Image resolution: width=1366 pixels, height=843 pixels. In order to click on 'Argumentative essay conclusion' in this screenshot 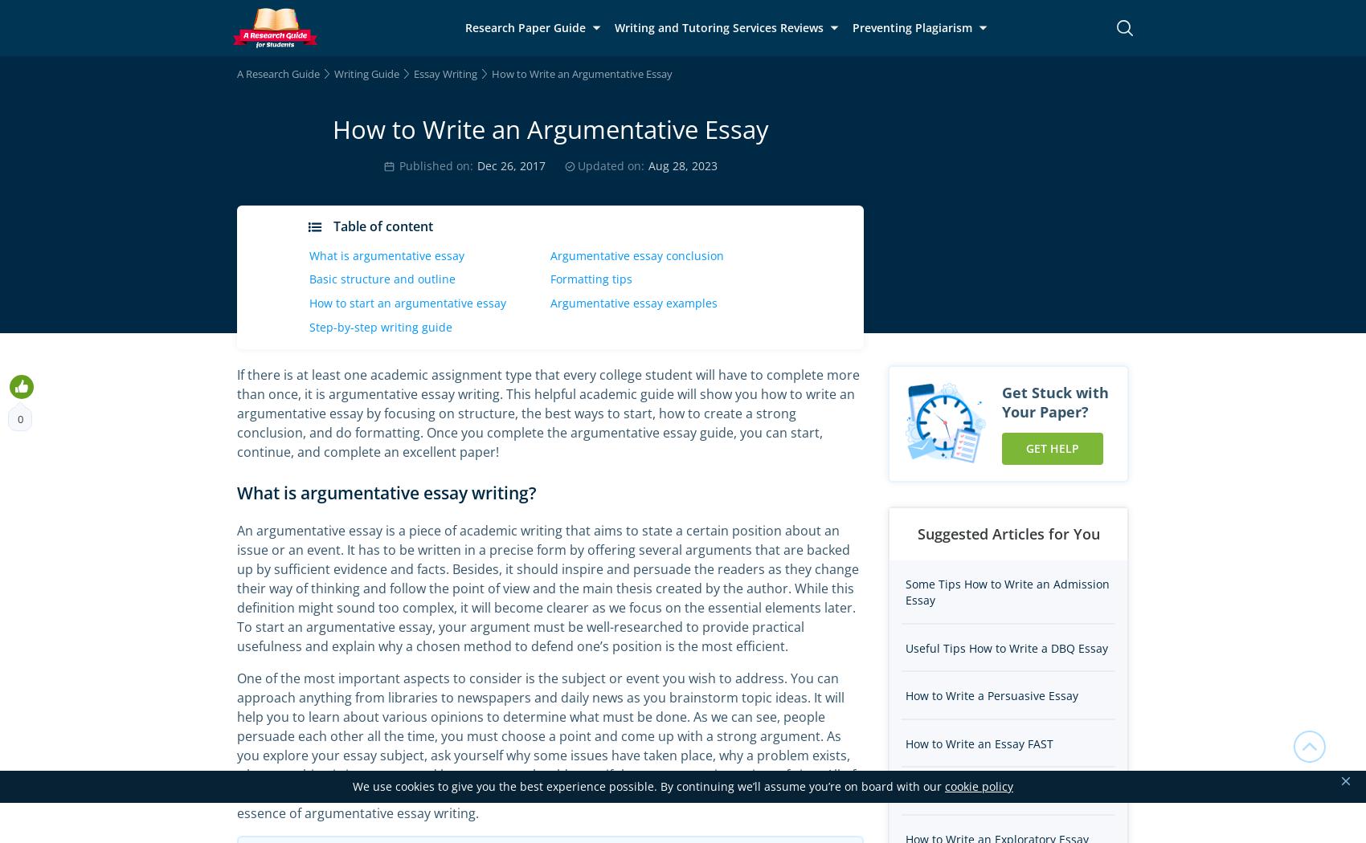, I will do `click(636, 255)`.